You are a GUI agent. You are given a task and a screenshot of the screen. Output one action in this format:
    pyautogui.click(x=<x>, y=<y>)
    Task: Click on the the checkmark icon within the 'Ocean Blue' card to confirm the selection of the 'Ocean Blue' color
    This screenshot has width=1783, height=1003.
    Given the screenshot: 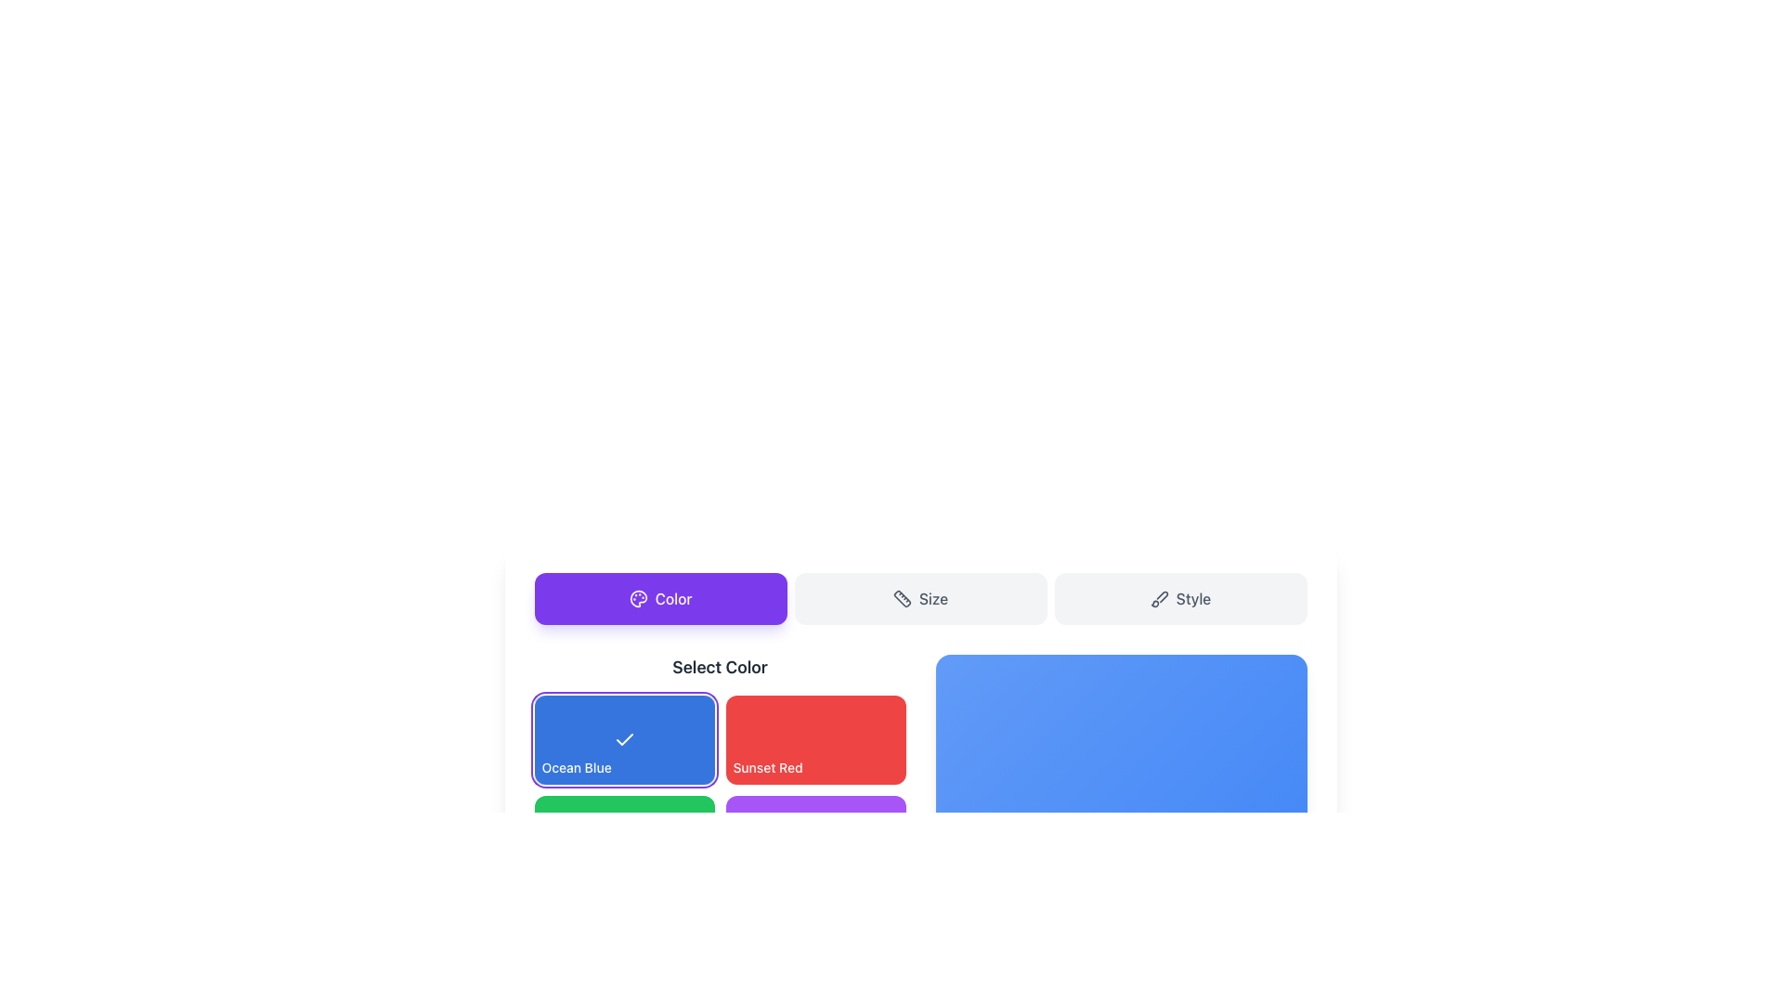 What is the action you would take?
    pyautogui.click(x=624, y=739)
    